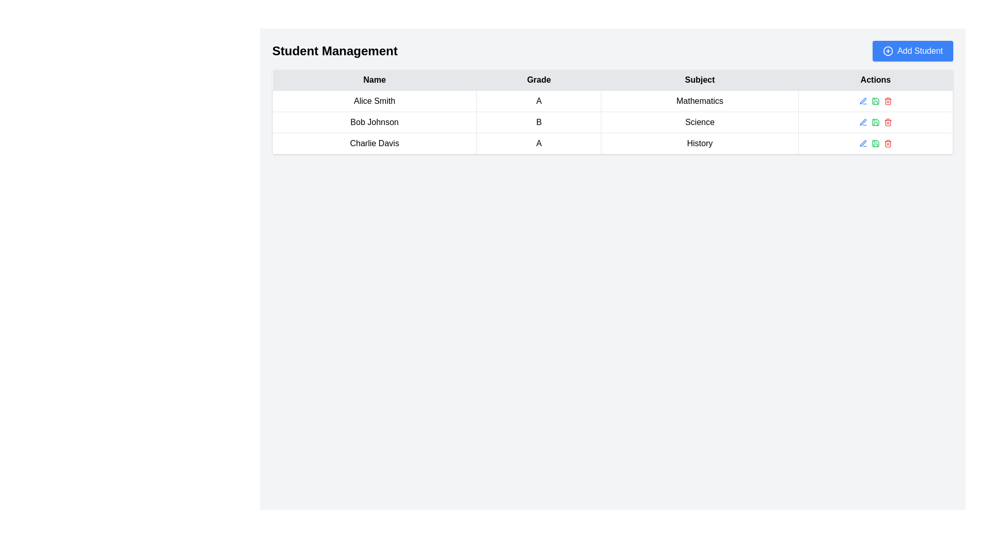  What do you see at coordinates (875, 121) in the screenshot?
I see `the green save icon button located in the Actions column of the second row in the table aligned with the 'Science' subject` at bounding box center [875, 121].